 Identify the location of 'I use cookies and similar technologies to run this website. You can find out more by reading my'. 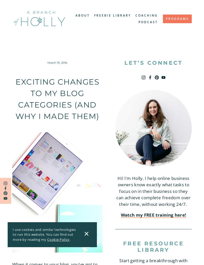
(44, 234).